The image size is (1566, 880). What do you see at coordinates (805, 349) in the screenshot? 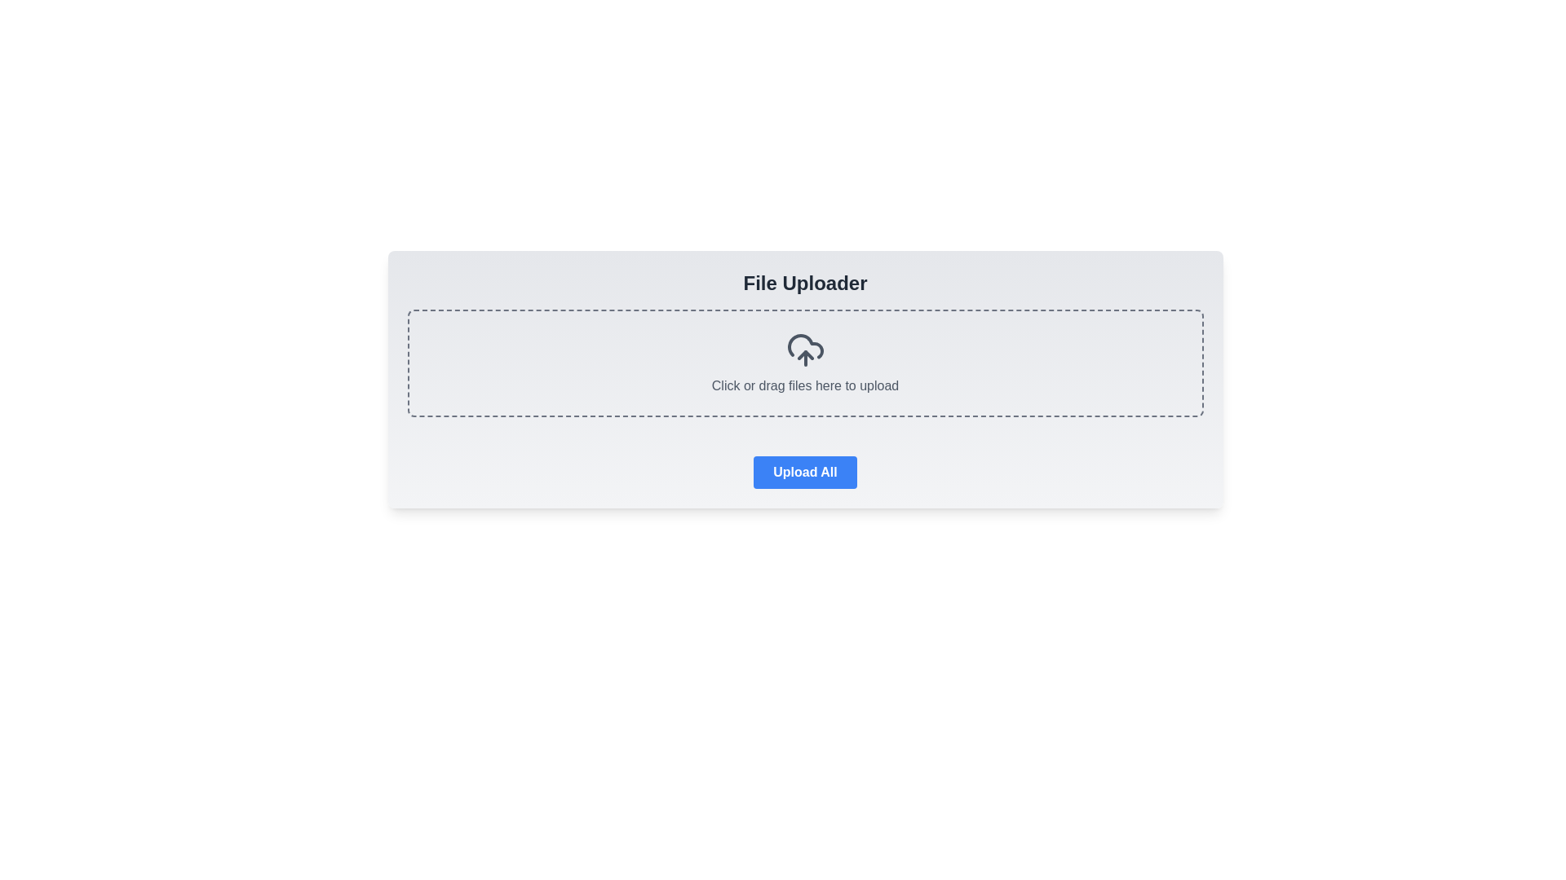
I see `the file upload icon, which is centrally located above the text 'Click or drag files here to upload' and inside a dashed rectangular boundary, to change its appearance slightly` at bounding box center [805, 349].